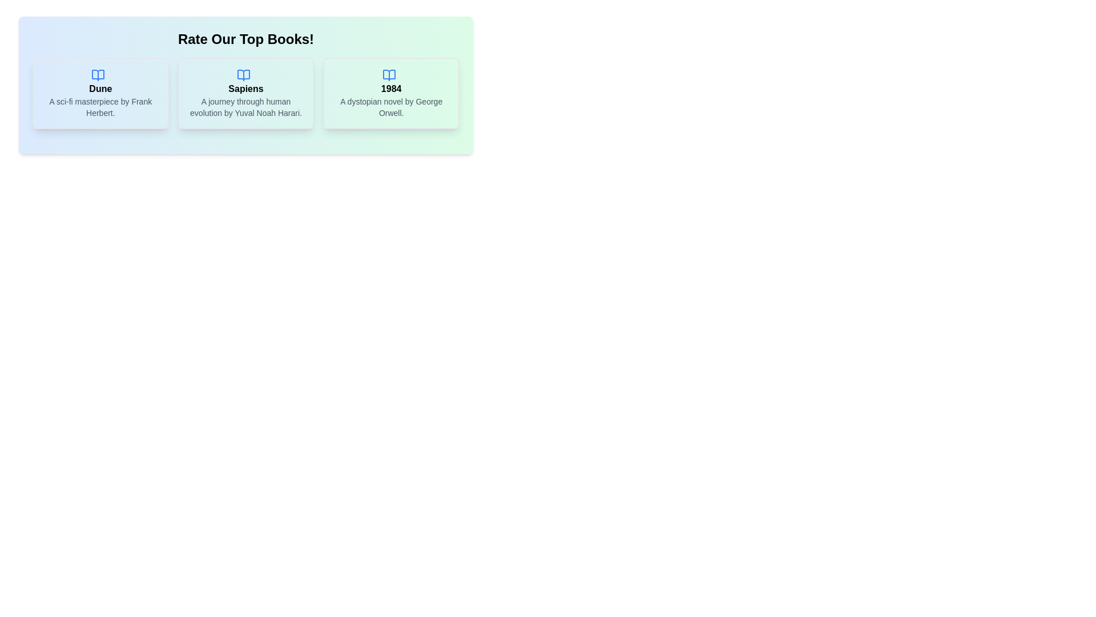 This screenshot has width=1096, height=617. Describe the element at coordinates (98, 75) in the screenshot. I see `the leftmost icon in the first item of the book list related to 'Dune', which is positioned above the title and to the left of its description` at that location.